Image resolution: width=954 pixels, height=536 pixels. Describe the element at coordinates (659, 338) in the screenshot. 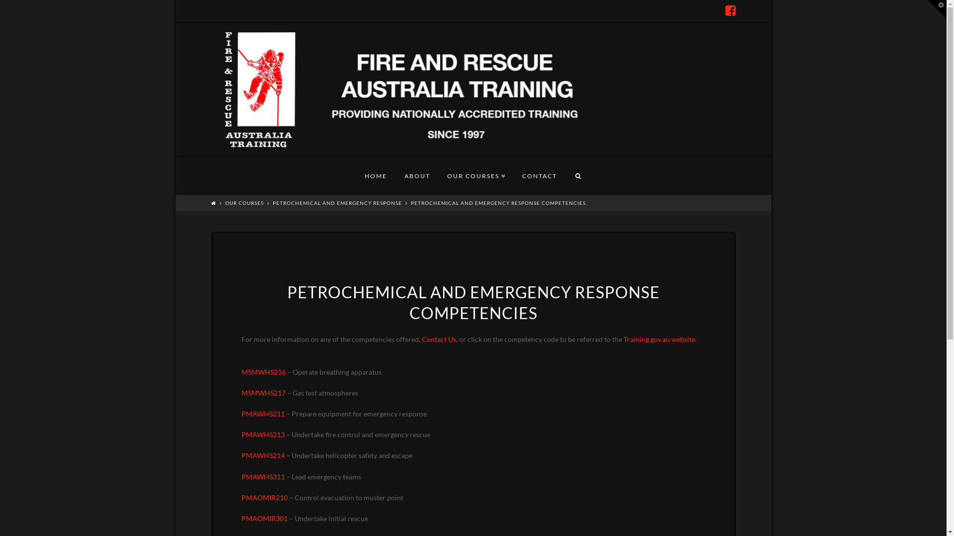

I see `'Training.gov.au website.'` at that location.